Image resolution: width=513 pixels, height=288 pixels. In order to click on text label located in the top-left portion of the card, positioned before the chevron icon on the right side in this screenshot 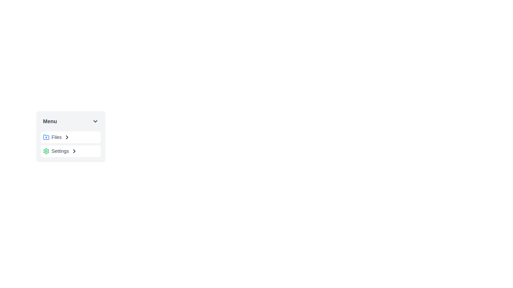, I will do `click(50, 121)`.